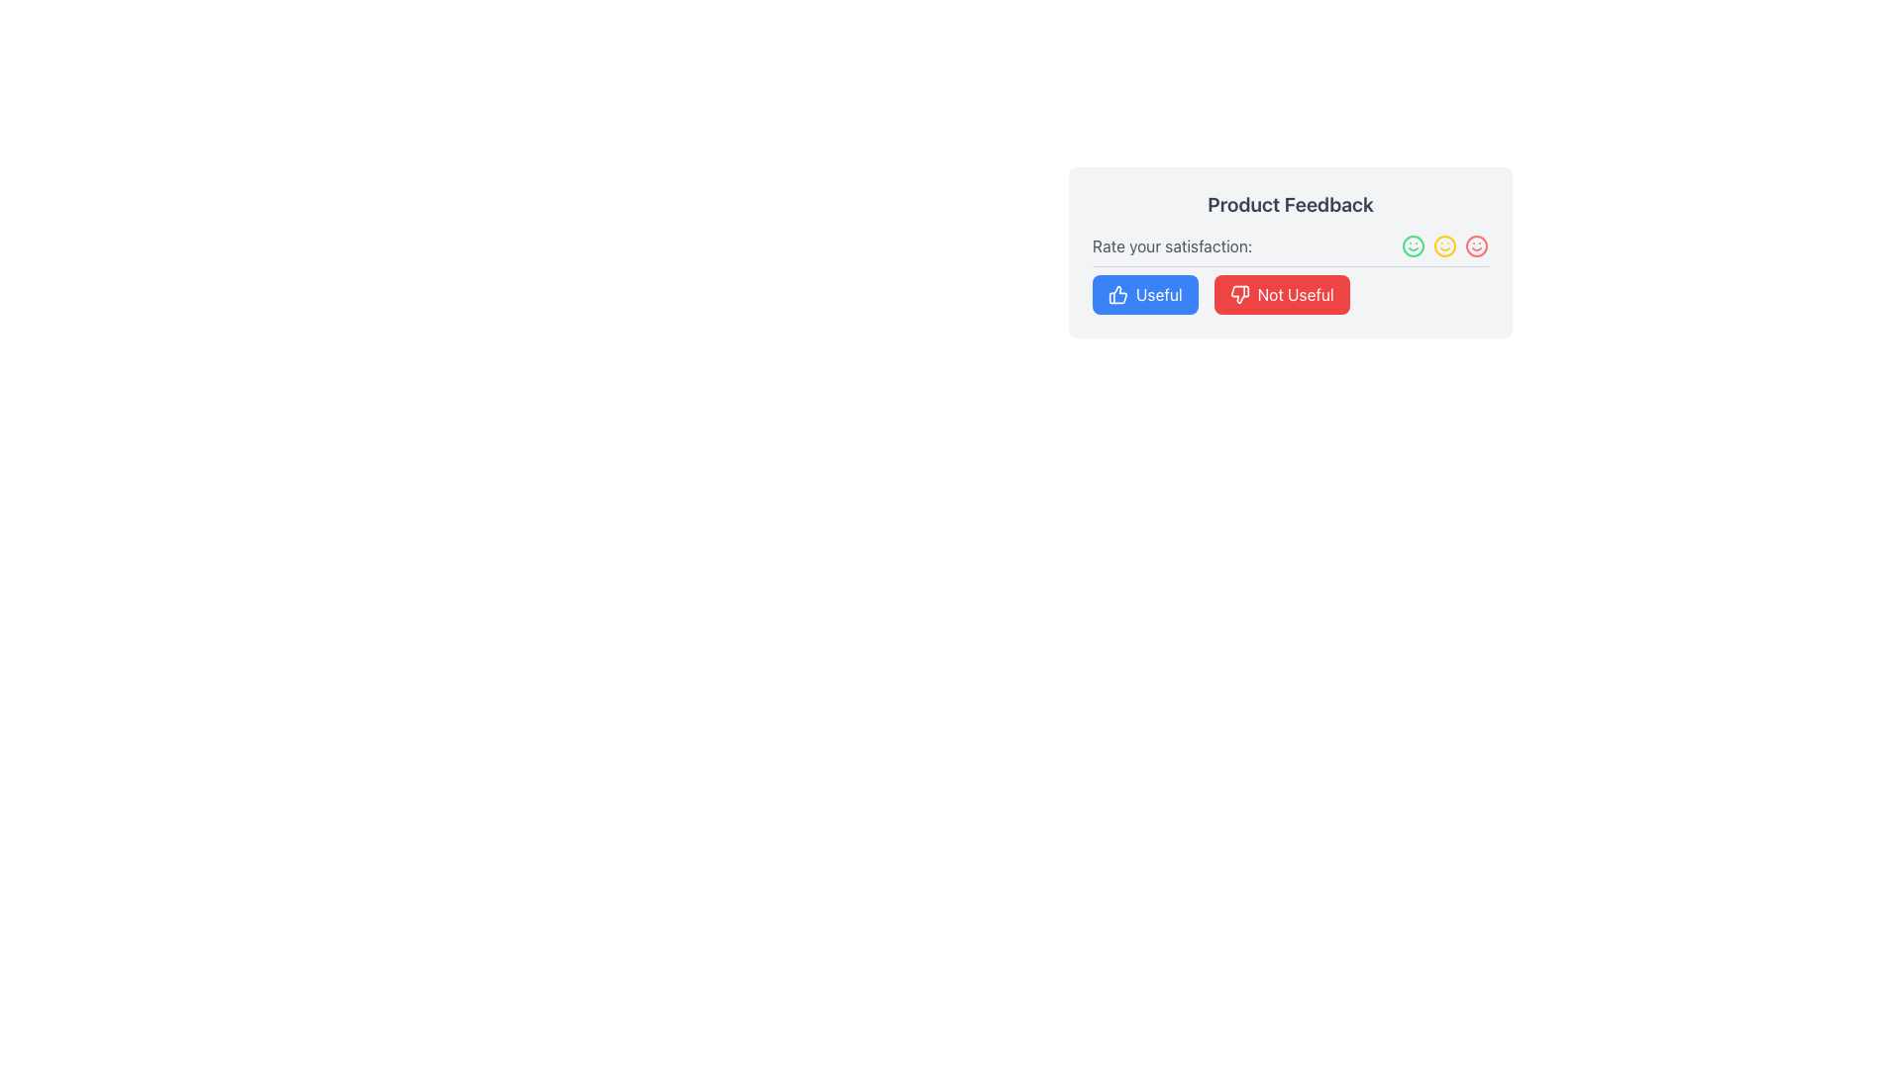  I want to click on the circular outline of the smiley face icon, which serves as the boundary for the icon's head, located near the middle-right of the feedback component, so click(1445, 245).